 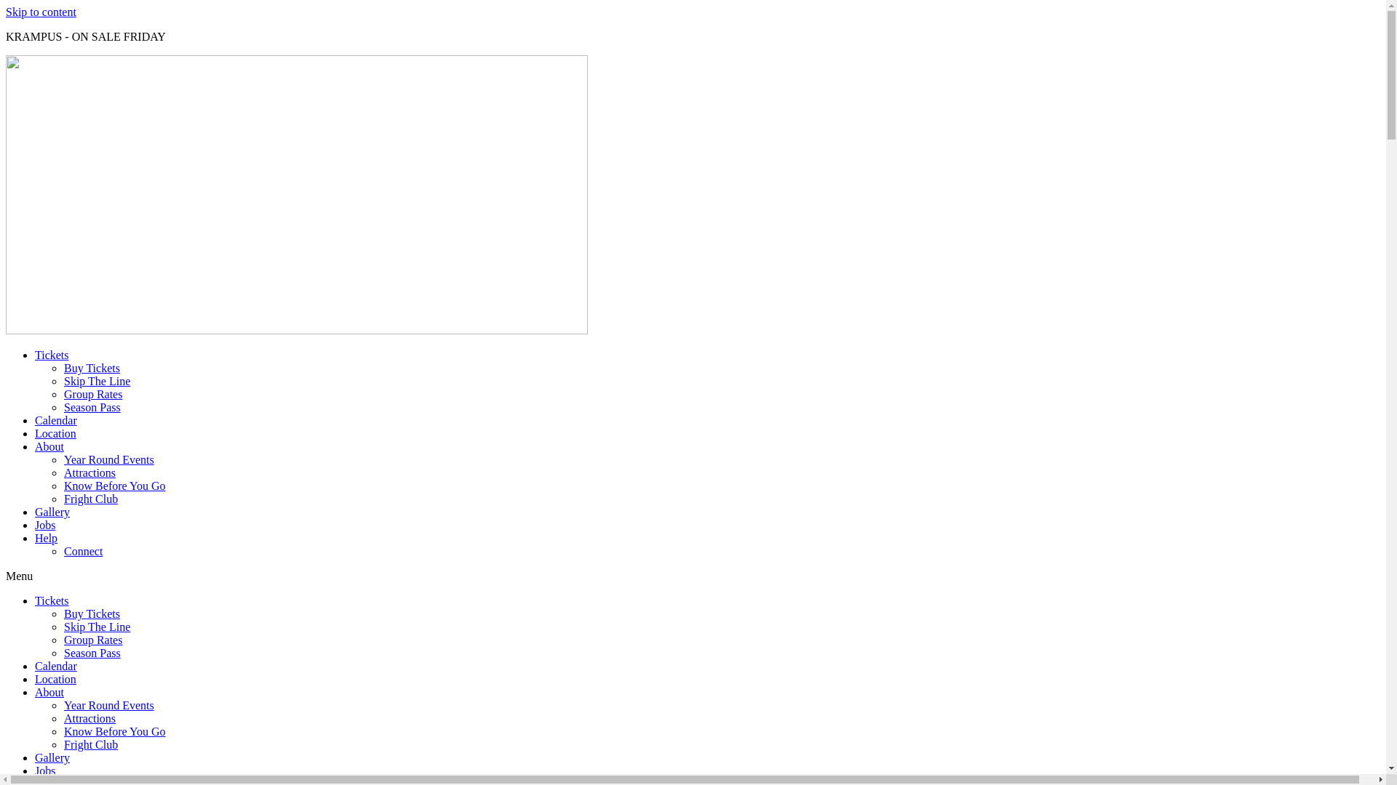 I want to click on 'Year Round Events', so click(x=108, y=704).